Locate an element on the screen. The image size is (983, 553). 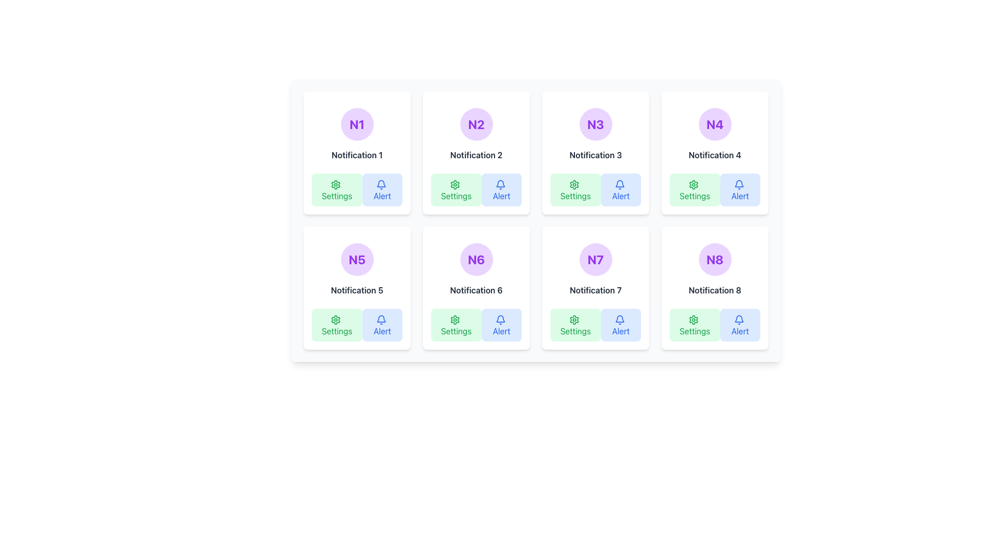
alert button in Notification 7, located in the second row and third column of the grid, to explore additional features is located at coordinates (620, 325).